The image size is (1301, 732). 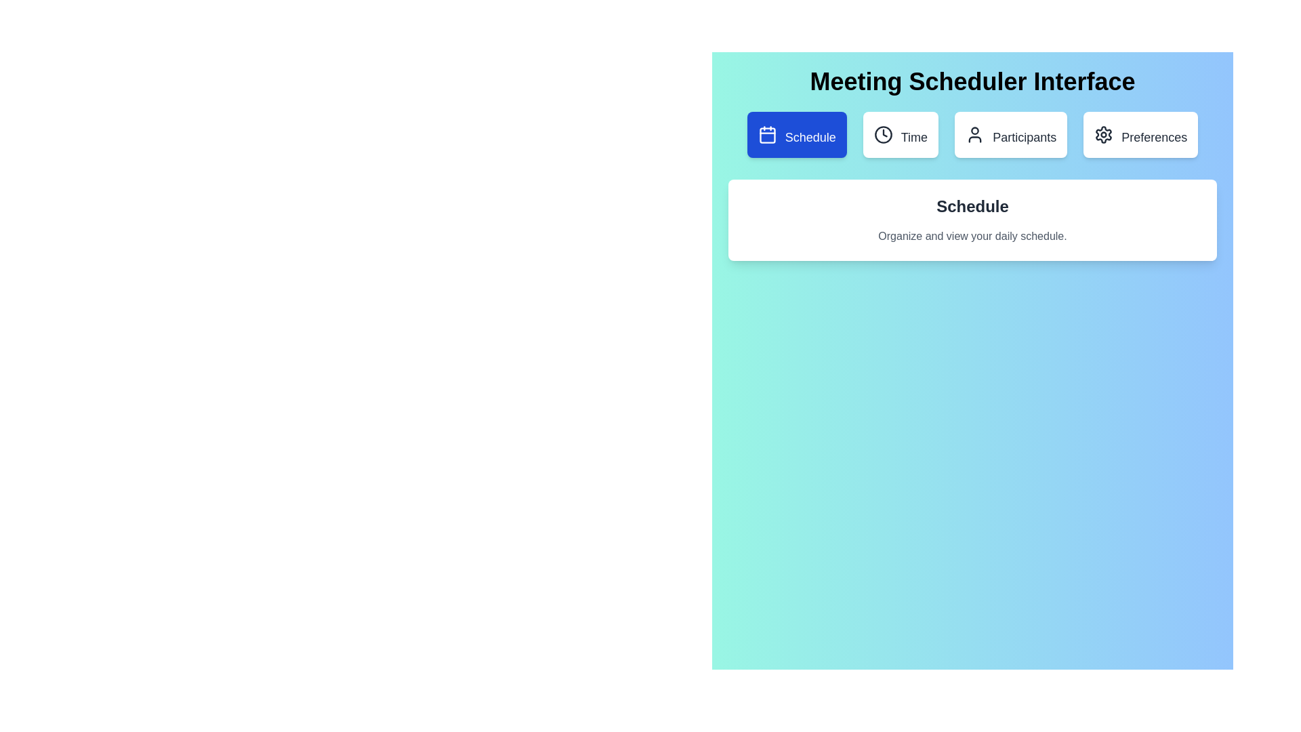 What do you see at coordinates (901, 135) in the screenshot?
I see `the white rectangular button labeled 'Time', which contains a clock icon on the left and is positioned below the 'Meeting Scheduler Interface' heading, to observe its hover effects` at bounding box center [901, 135].